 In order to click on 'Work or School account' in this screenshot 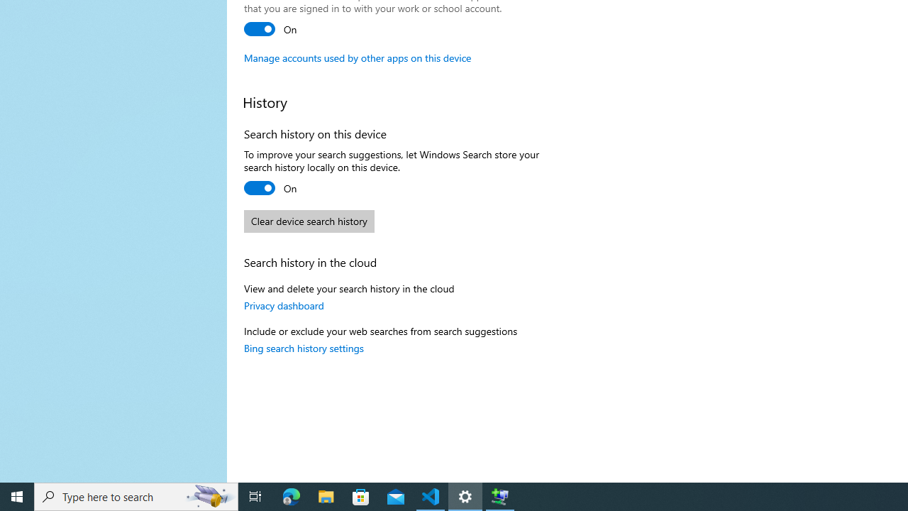, I will do `click(271, 29)`.